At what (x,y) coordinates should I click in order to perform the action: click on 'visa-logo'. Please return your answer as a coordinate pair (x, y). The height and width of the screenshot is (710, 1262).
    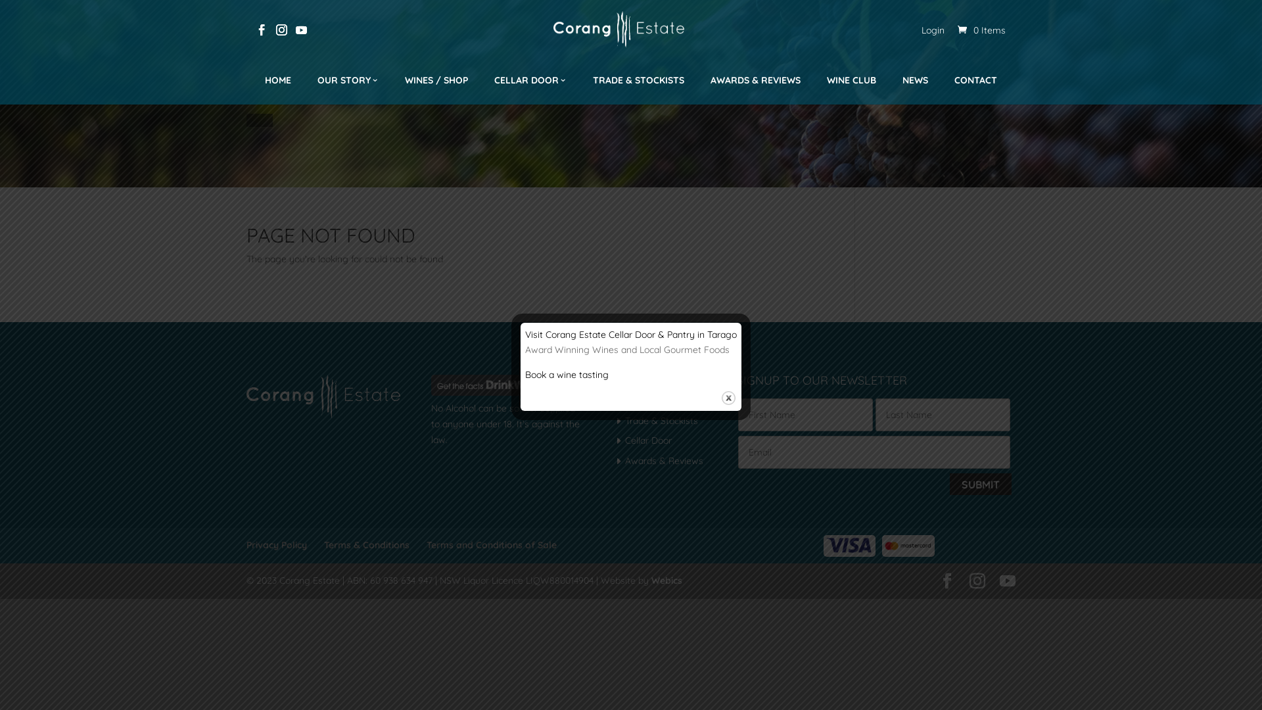
    Looking at the image, I should click on (849, 546).